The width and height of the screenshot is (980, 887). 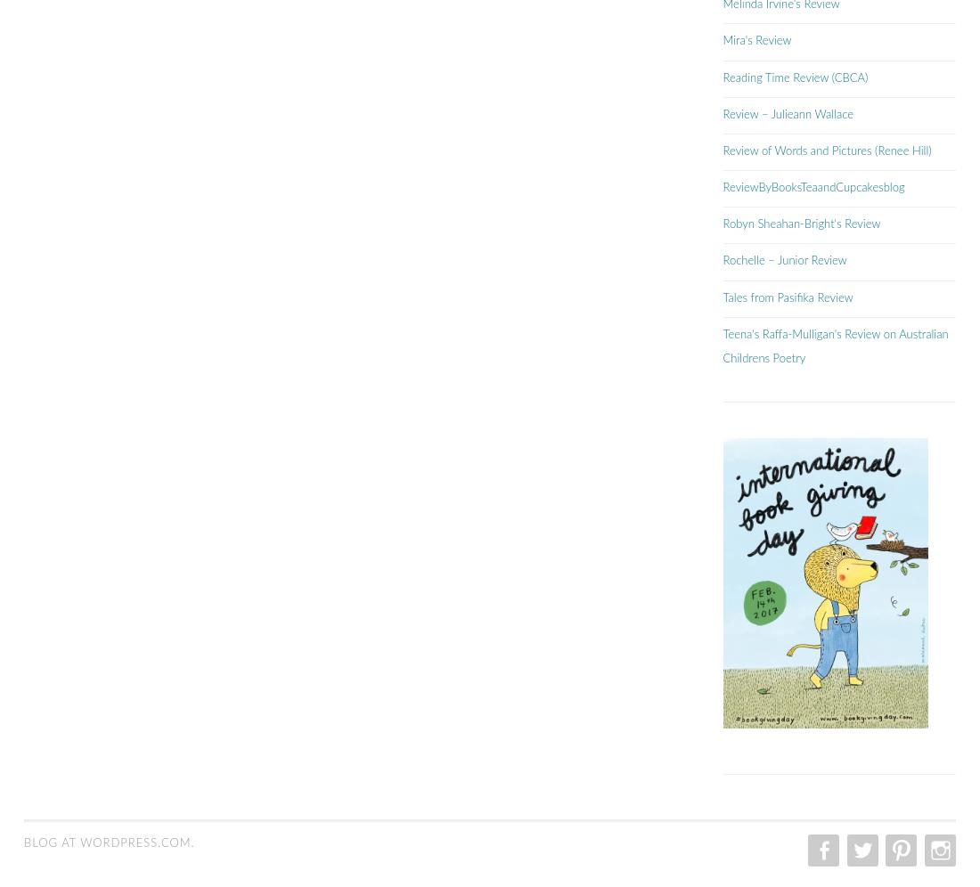 I want to click on 'ReviewByBooksTeaandCupcakesblog', so click(x=813, y=187).